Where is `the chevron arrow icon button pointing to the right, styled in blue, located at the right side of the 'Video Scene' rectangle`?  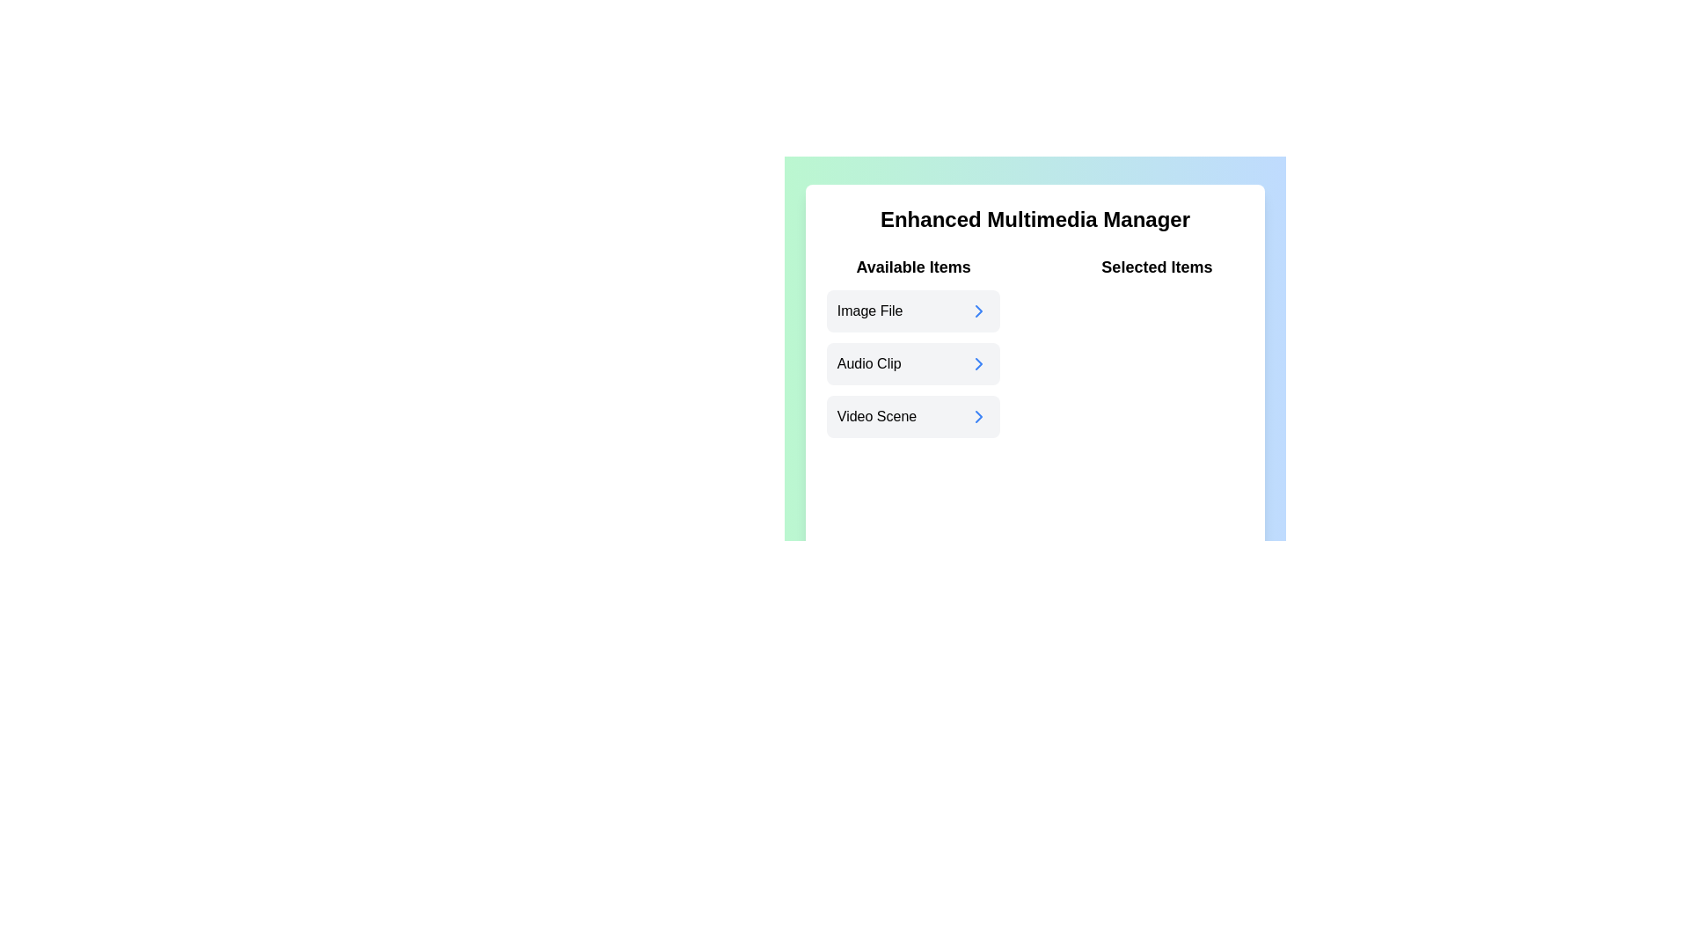
the chevron arrow icon button pointing to the right, styled in blue, located at the right side of the 'Video Scene' rectangle is located at coordinates (978, 417).